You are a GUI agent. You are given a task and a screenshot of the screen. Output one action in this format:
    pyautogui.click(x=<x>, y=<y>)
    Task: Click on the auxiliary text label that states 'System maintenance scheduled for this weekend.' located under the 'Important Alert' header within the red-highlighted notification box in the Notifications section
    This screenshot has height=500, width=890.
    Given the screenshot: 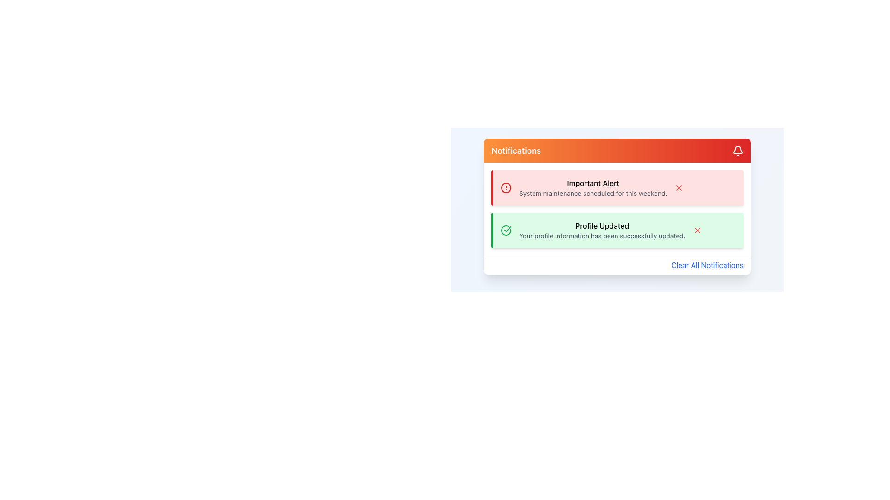 What is the action you would take?
    pyautogui.click(x=592, y=193)
    